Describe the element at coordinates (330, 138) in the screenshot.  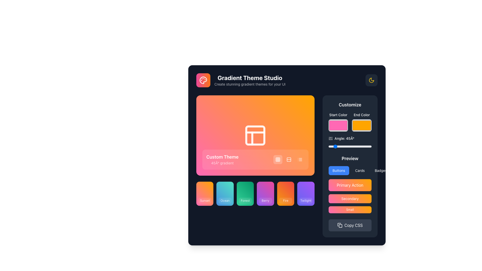
I see `the settings icon located` at that location.